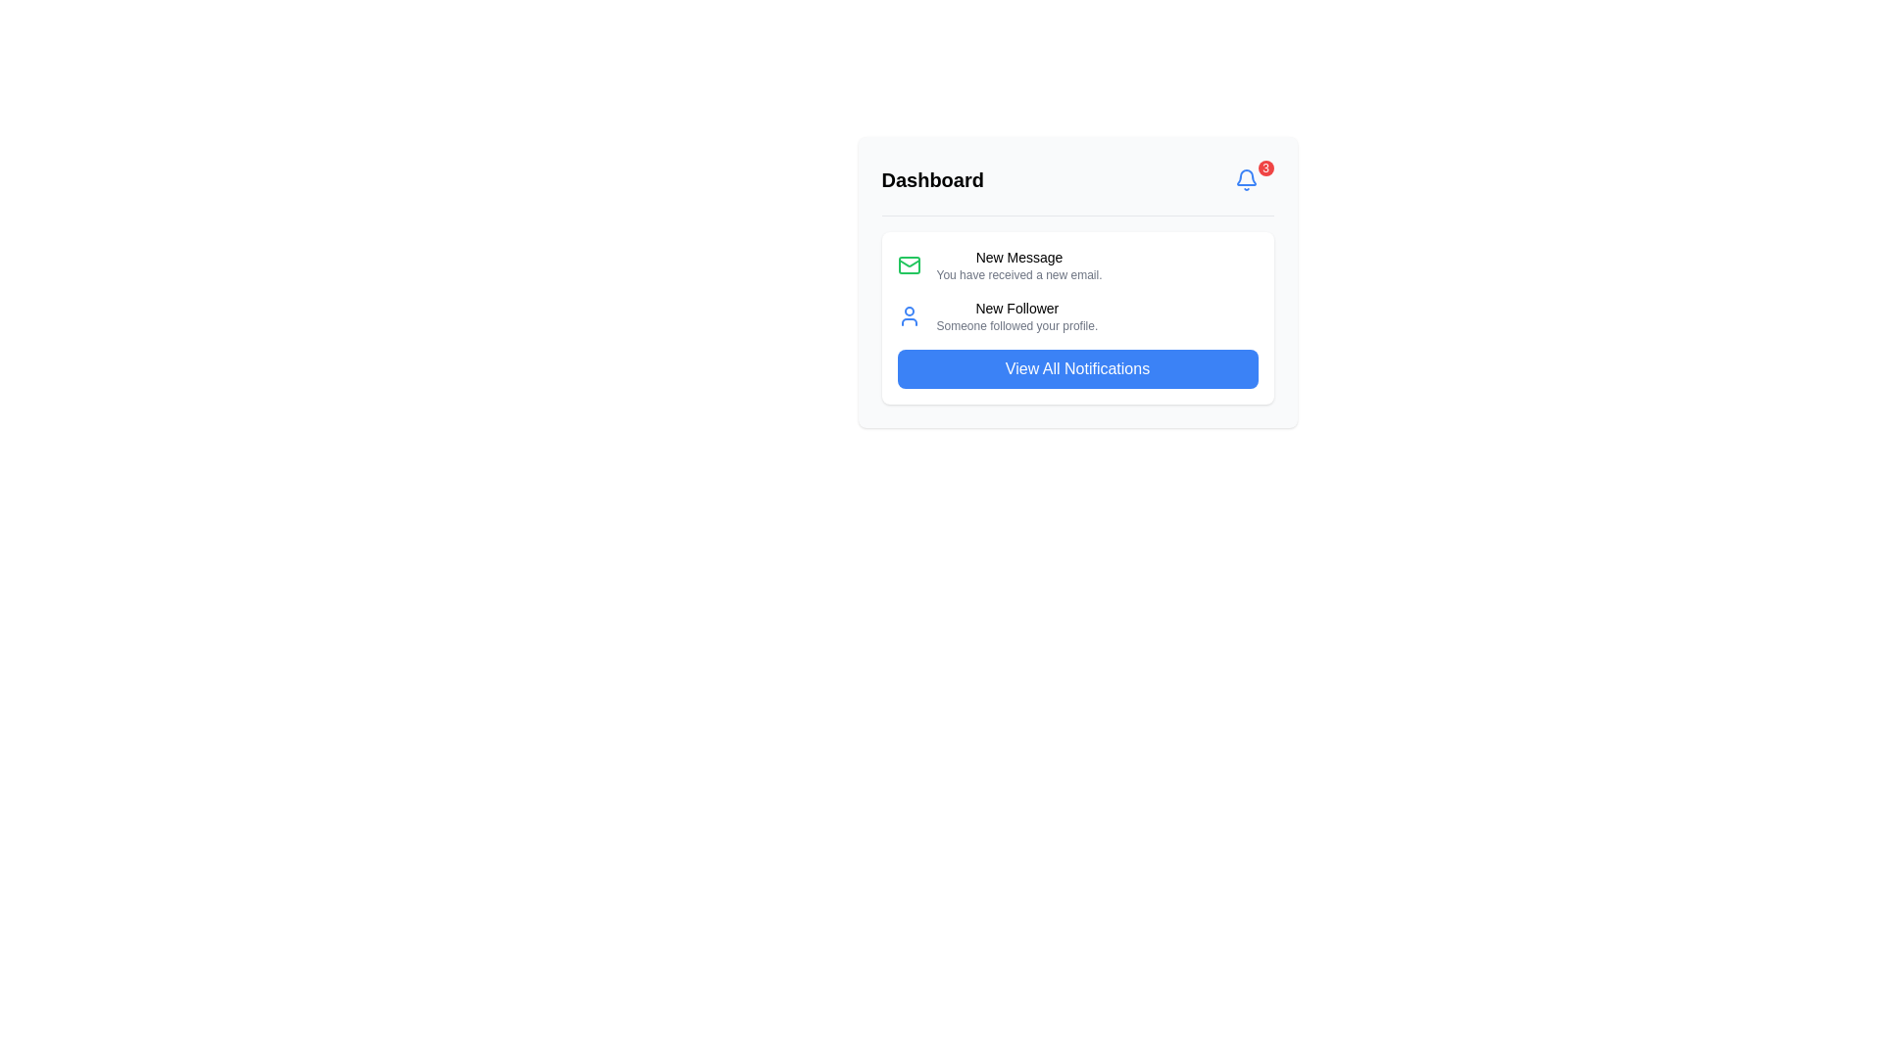 The image size is (1882, 1058). Describe the element at coordinates (1016, 324) in the screenshot. I see `the descriptive text block that states 'Someone followed your profile.' located below the 'New Follower' heading in the notifications section` at that location.